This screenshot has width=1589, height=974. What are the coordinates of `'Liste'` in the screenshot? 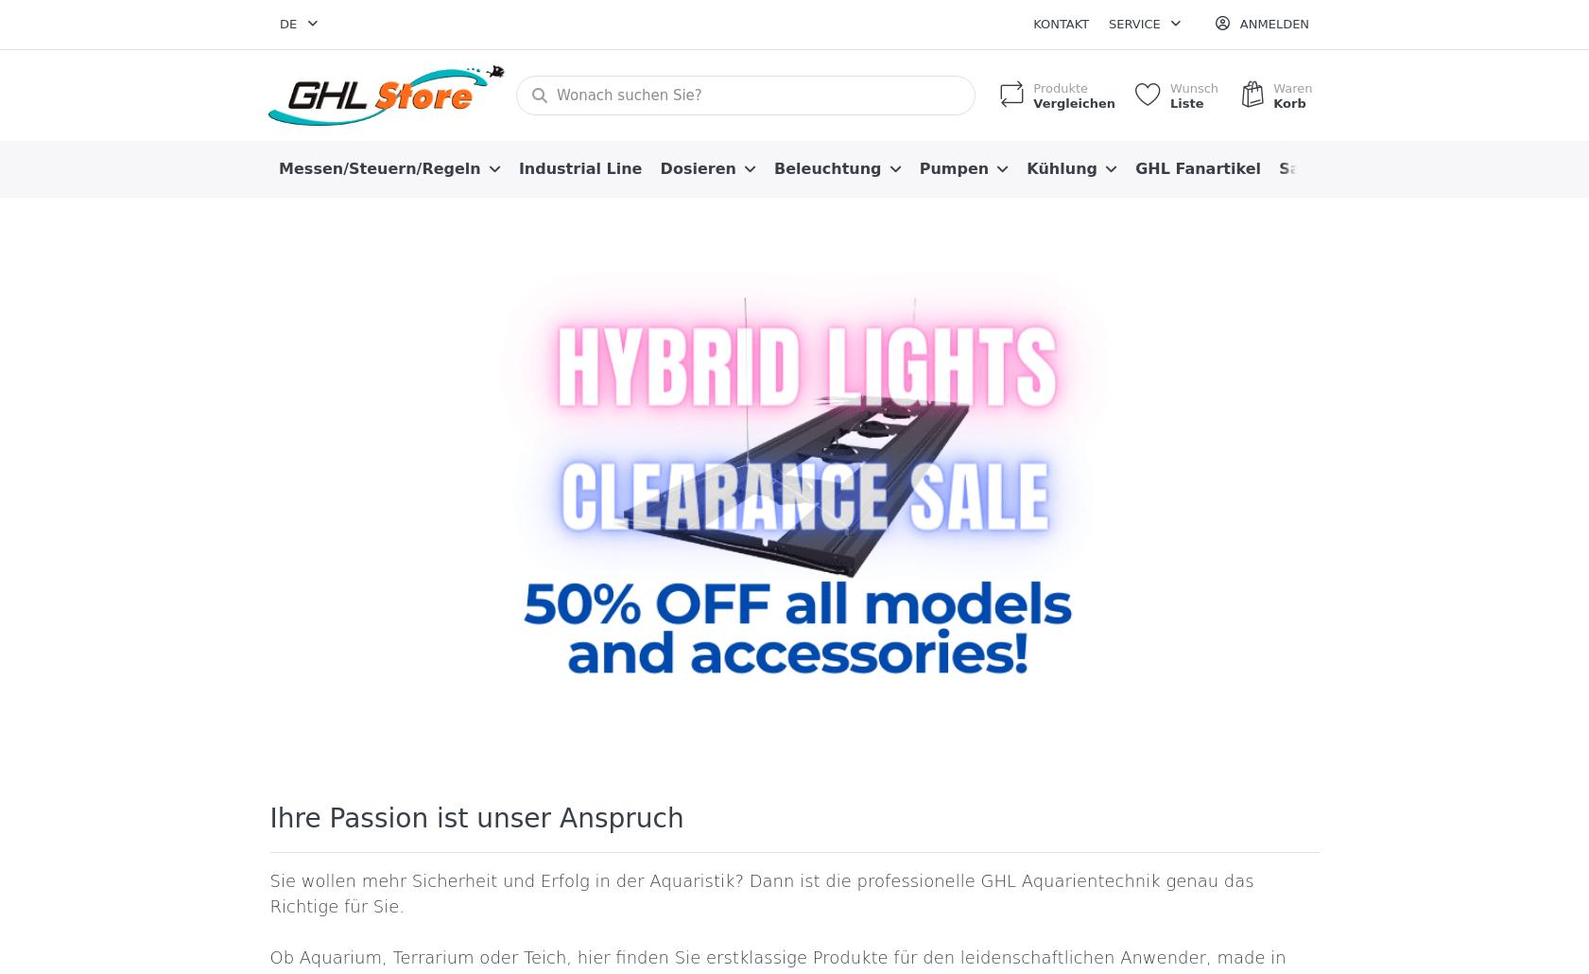 It's located at (1186, 101).